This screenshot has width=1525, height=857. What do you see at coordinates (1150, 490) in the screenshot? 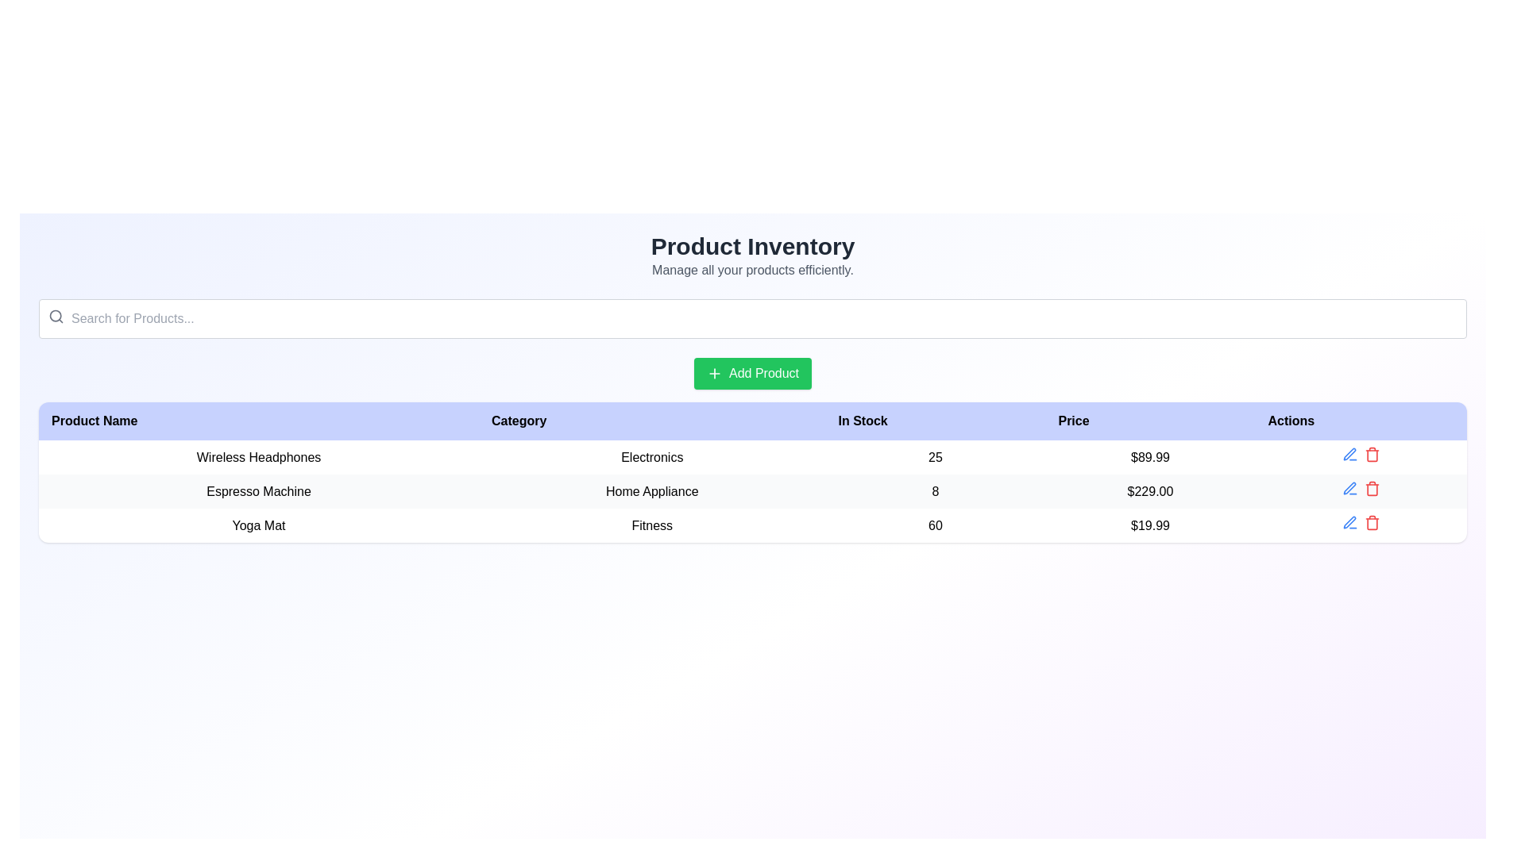
I see `the text label displaying the price value "$229.00" located in the fourth column of the second row of the table layout` at bounding box center [1150, 490].